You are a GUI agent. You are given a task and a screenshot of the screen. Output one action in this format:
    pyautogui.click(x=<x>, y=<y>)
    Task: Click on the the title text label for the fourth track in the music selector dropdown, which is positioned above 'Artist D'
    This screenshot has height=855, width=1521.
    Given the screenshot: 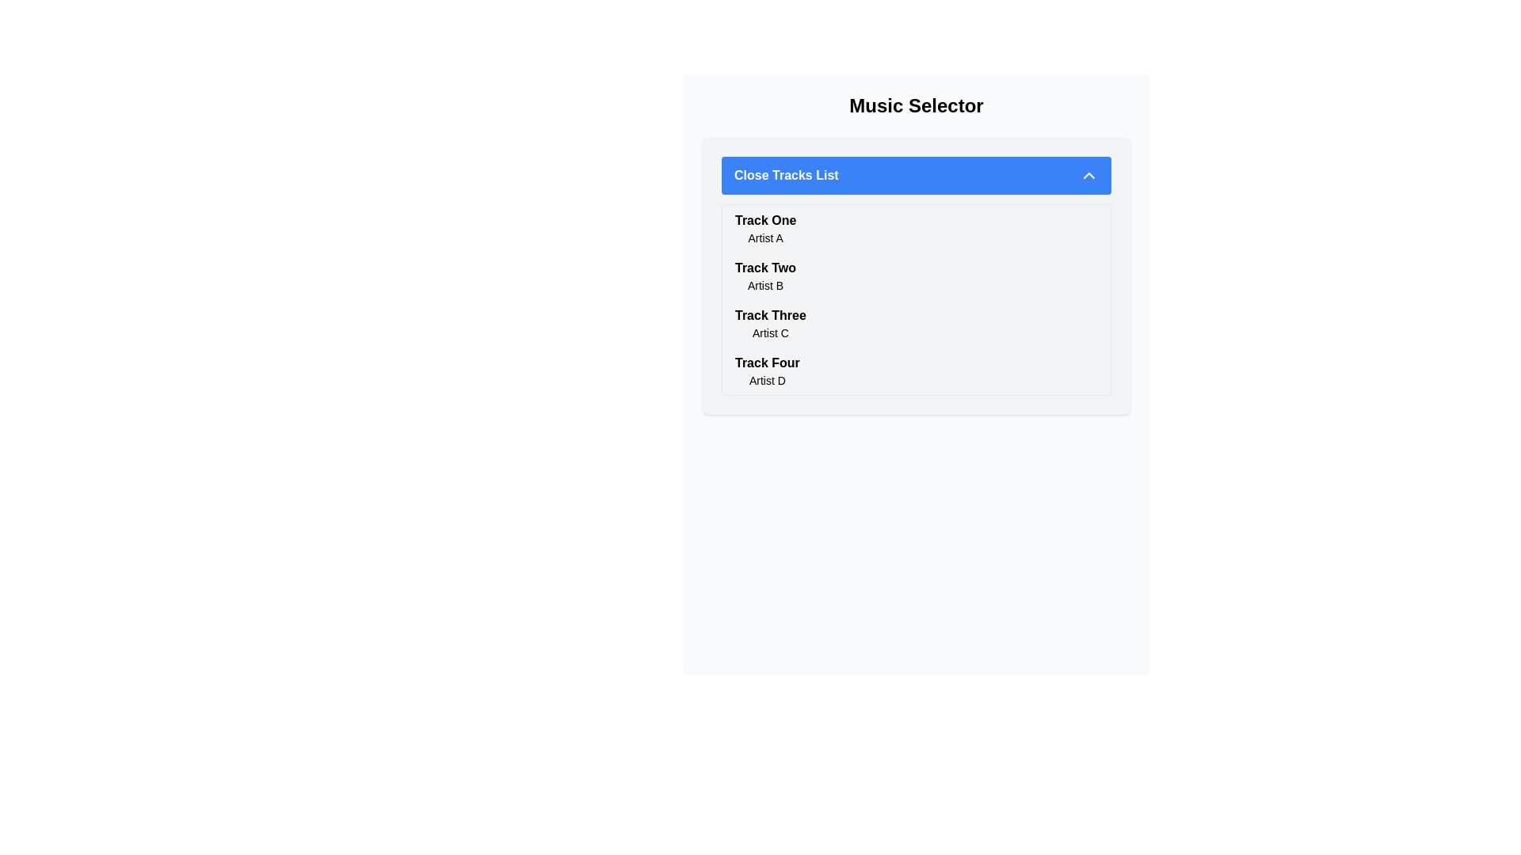 What is the action you would take?
    pyautogui.click(x=767, y=363)
    